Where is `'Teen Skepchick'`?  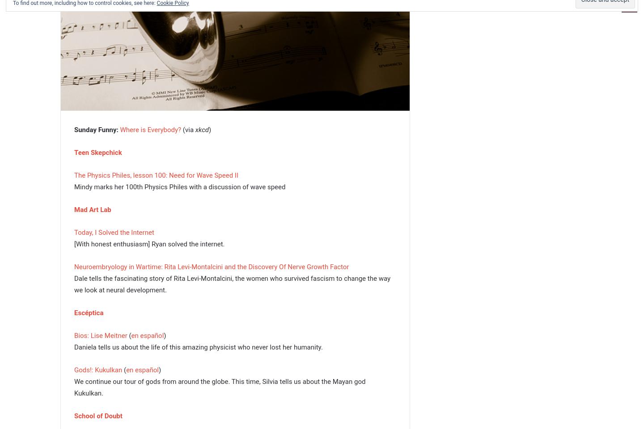 'Teen Skepchick' is located at coordinates (98, 151).